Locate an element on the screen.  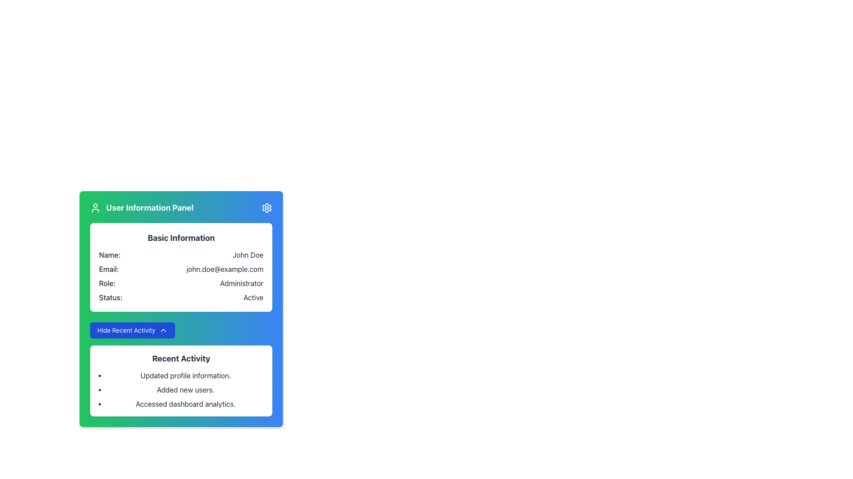
the toggle icon on the 'Hide Recent Activity' button located in the bottom-left of the 'User Information Panel' is located at coordinates (163, 330).